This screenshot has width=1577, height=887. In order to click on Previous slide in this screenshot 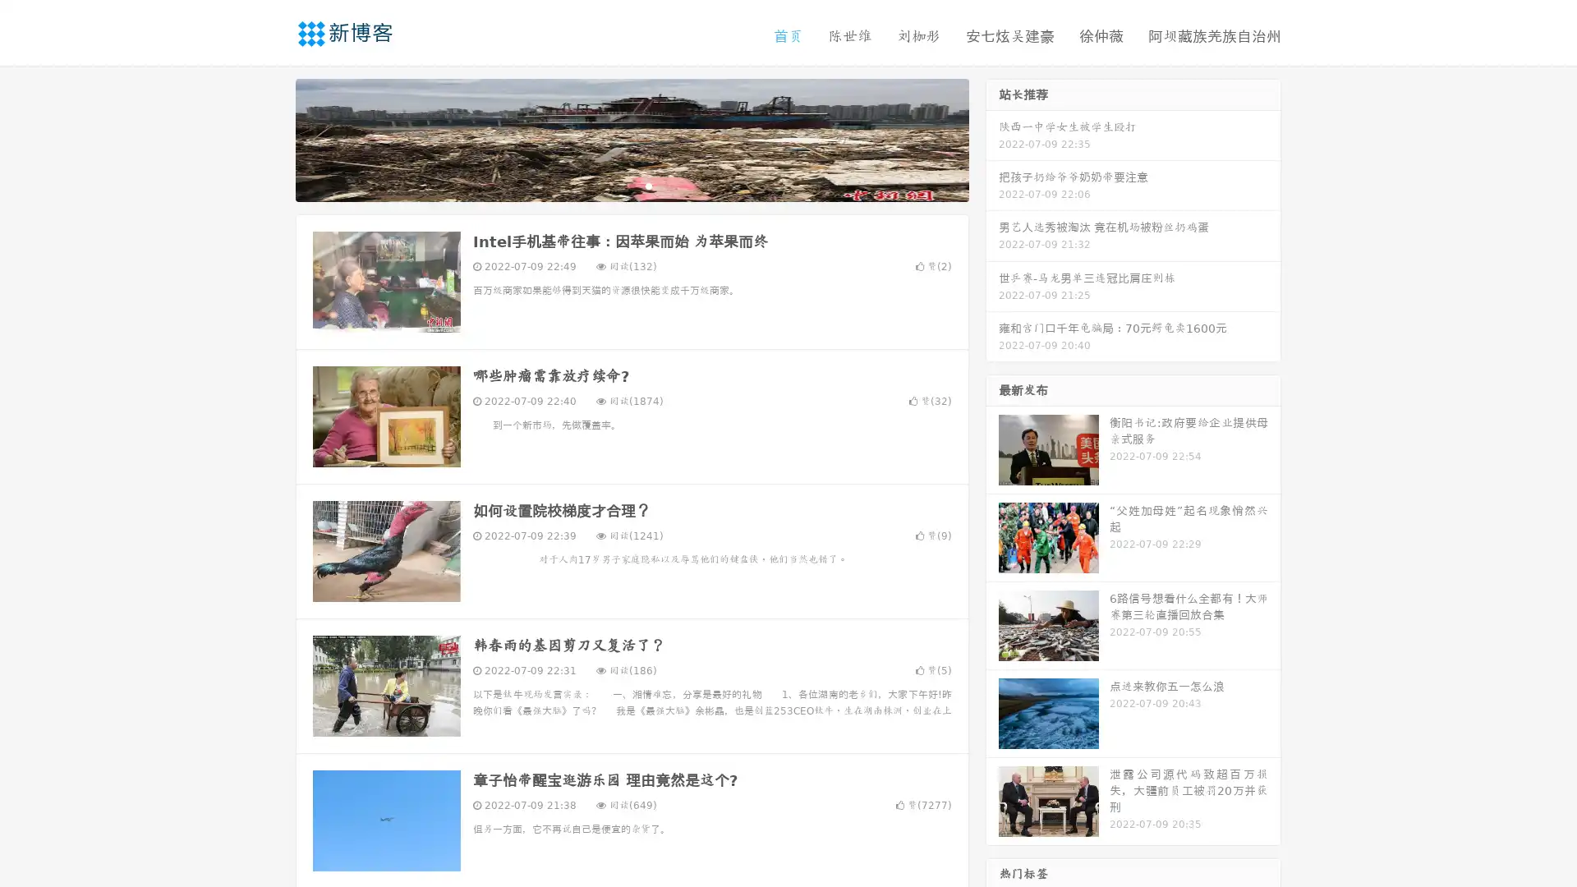, I will do `click(271, 138)`.